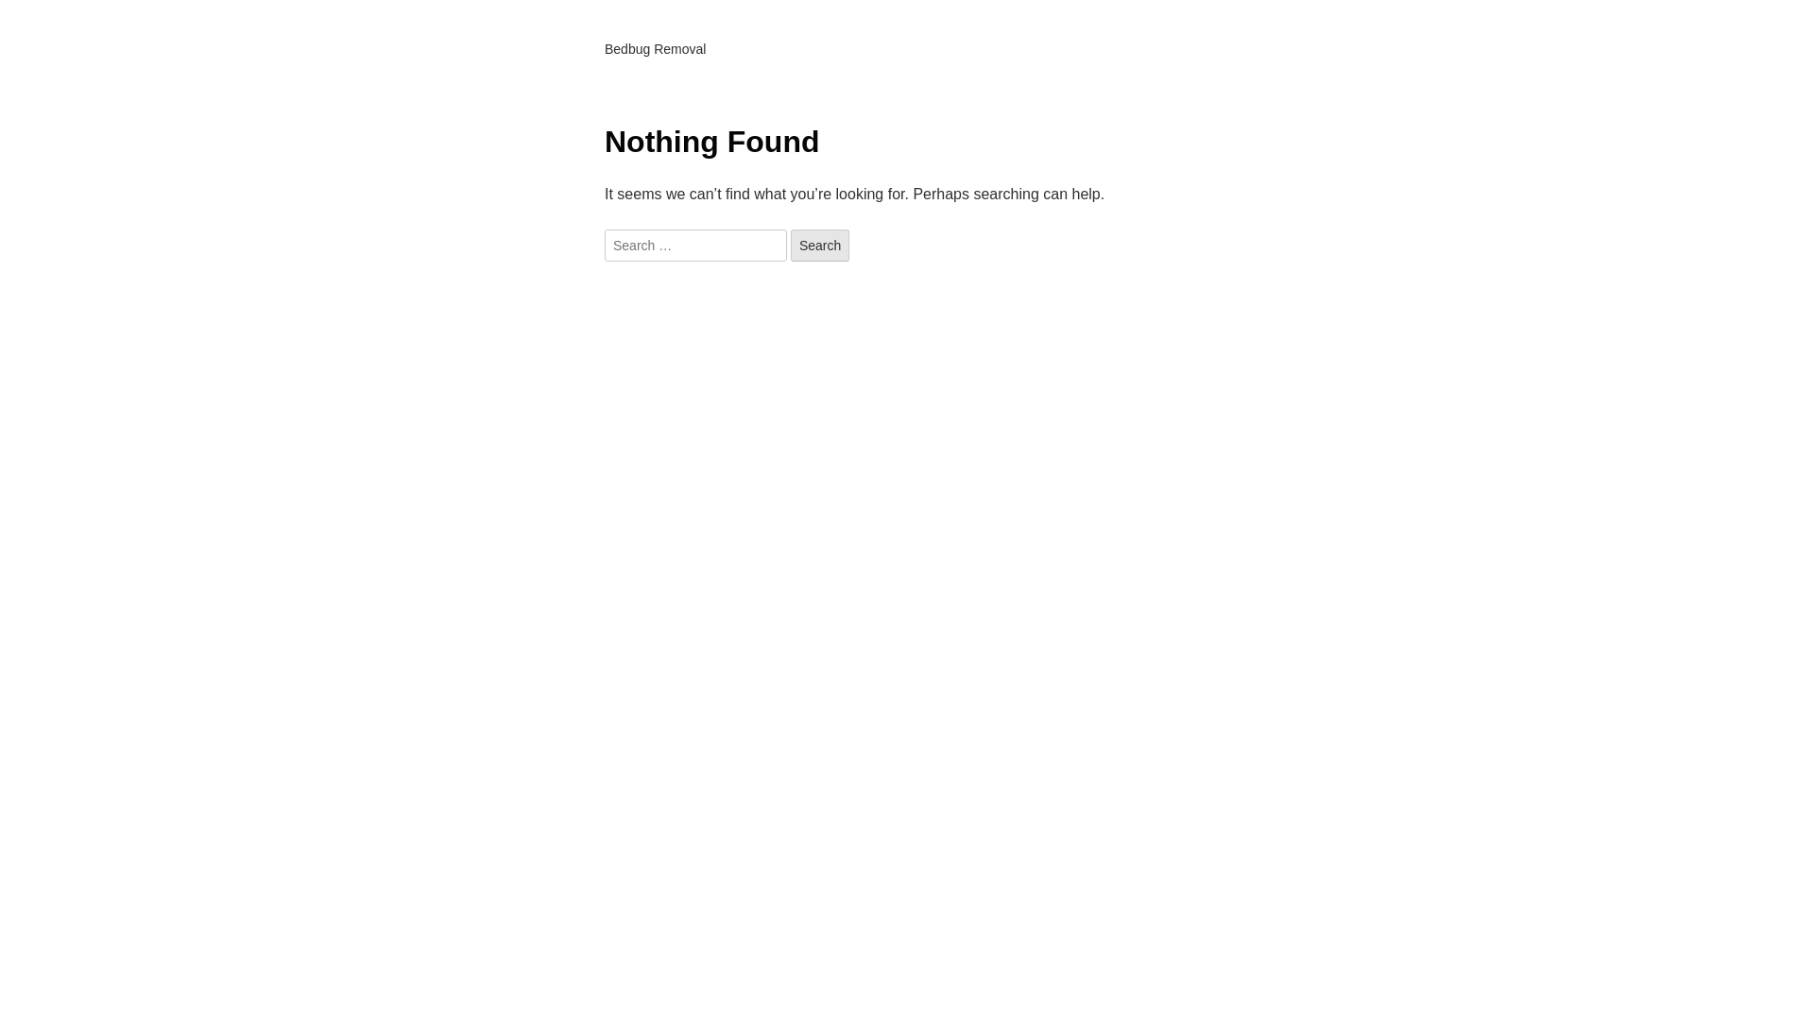 This screenshot has height=1020, width=1814. I want to click on 'Search', so click(790, 244).